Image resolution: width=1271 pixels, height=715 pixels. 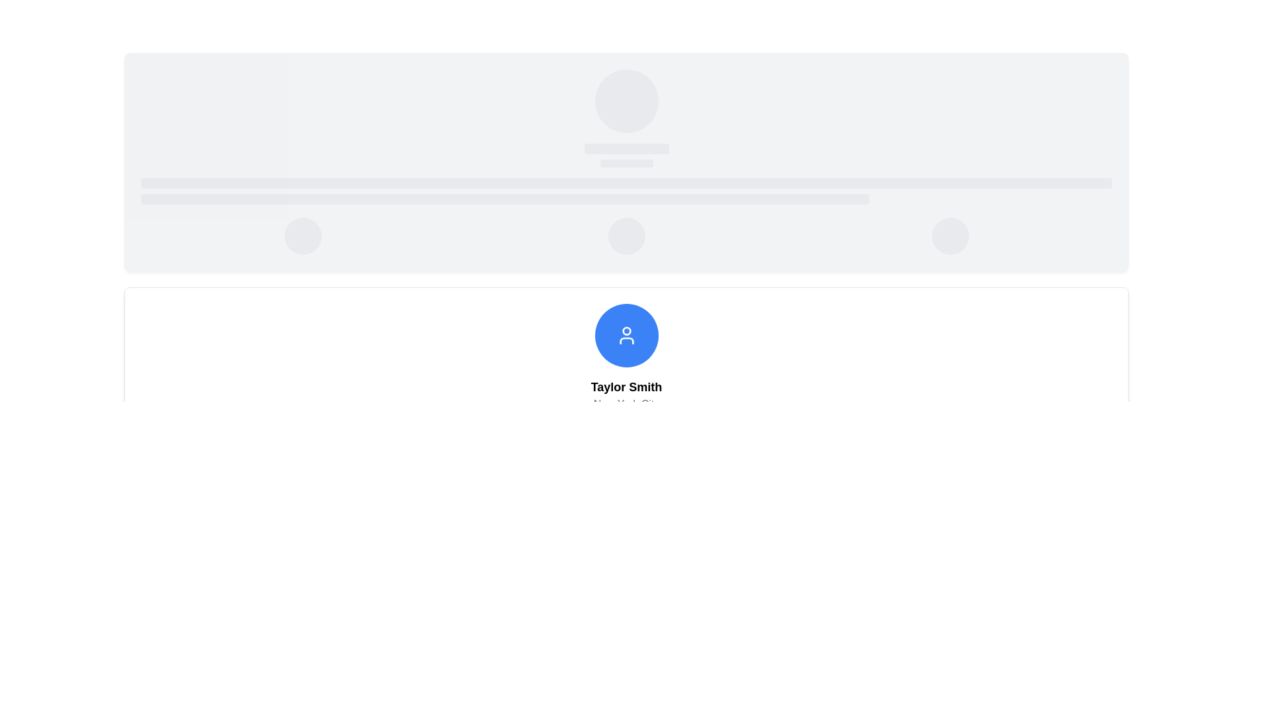 What do you see at coordinates (626, 236) in the screenshot?
I see `the middle circular element with a light gray background, which is part of a horizontally aligned group of three similar circular components` at bounding box center [626, 236].